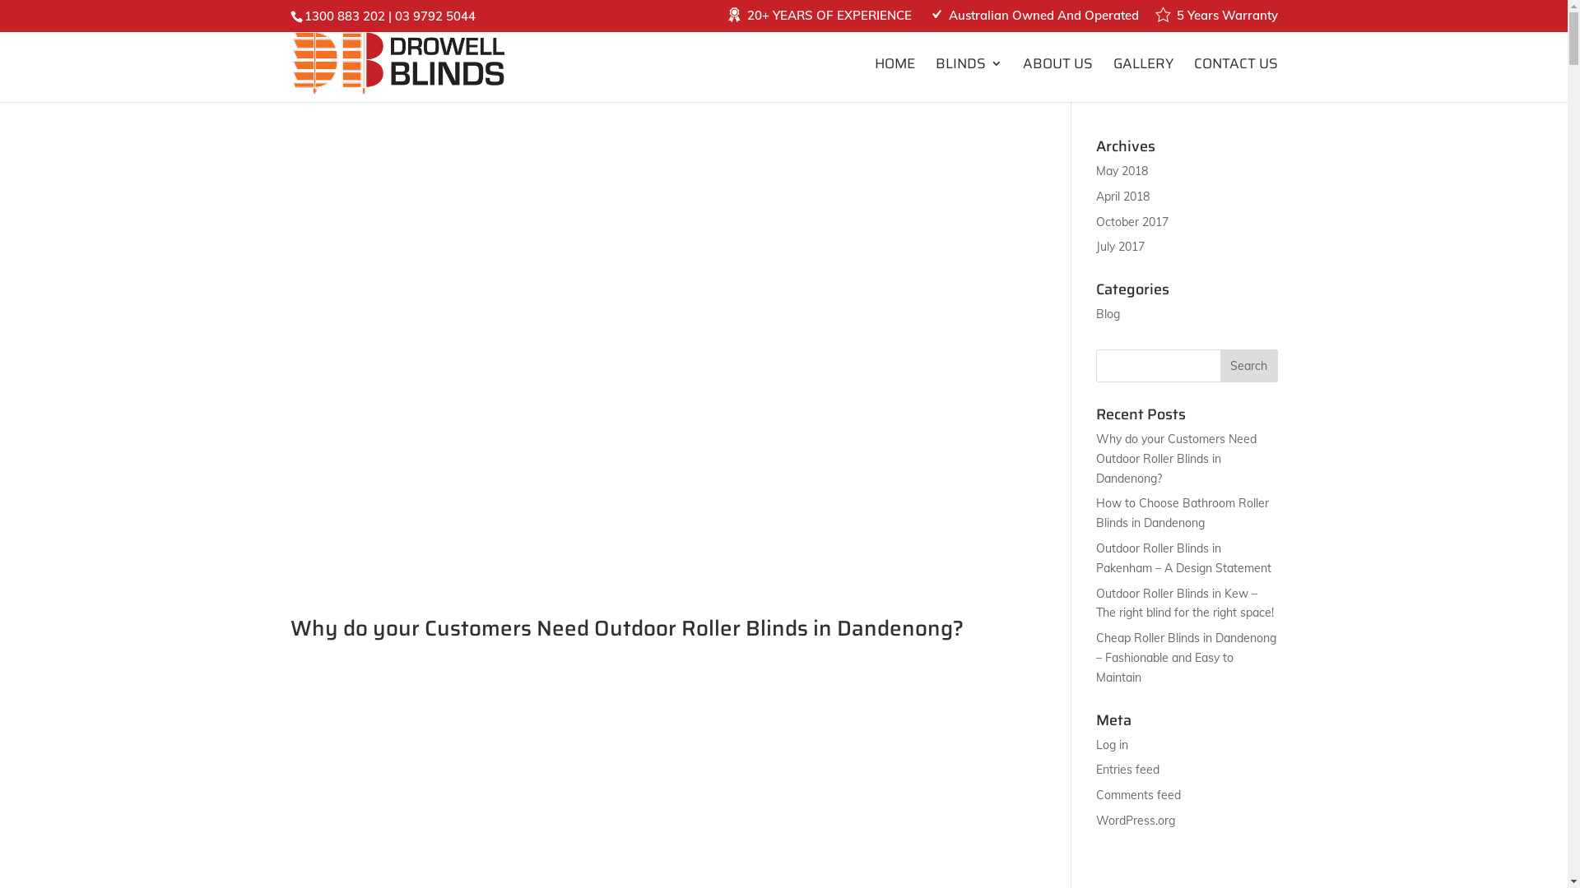 The height and width of the screenshot is (888, 1580). Describe the element at coordinates (1137, 794) in the screenshot. I see `'Comments feed'` at that location.